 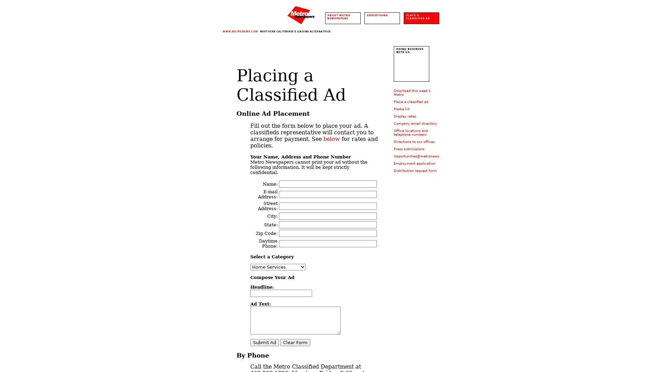 I want to click on Submit Ad, so click(x=264, y=342).